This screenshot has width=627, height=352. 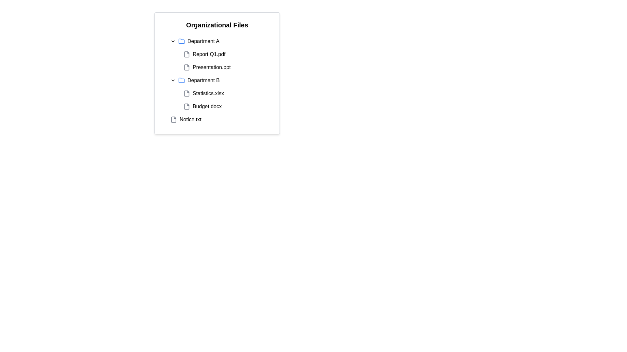 What do you see at coordinates (202, 106) in the screenshot?
I see `the file named 'Budget.docx' from the 'Department B' folder` at bounding box center [202, 106].